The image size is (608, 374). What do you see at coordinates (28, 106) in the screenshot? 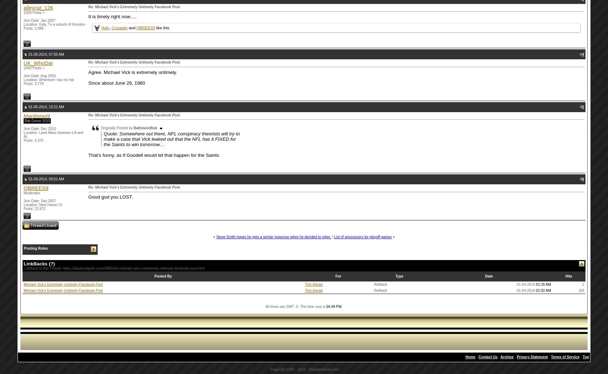
I see `'01-05-2014, 10:21 AM'` at bounding box center [28, 106].